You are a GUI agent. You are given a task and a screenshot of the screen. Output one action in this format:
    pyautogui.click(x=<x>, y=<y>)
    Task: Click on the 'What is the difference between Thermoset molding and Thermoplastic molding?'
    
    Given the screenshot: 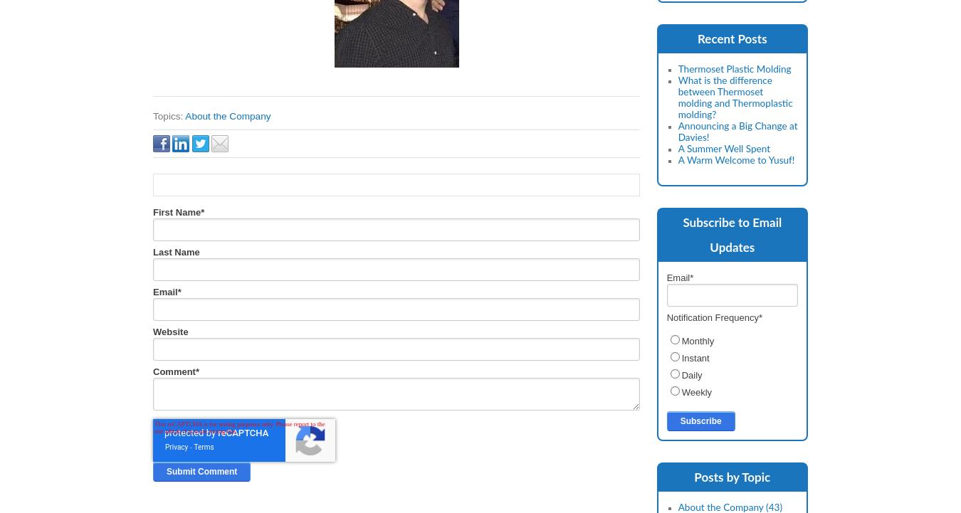 What is the action you would take?
    pyautogui.click(x=735, y=97)
    